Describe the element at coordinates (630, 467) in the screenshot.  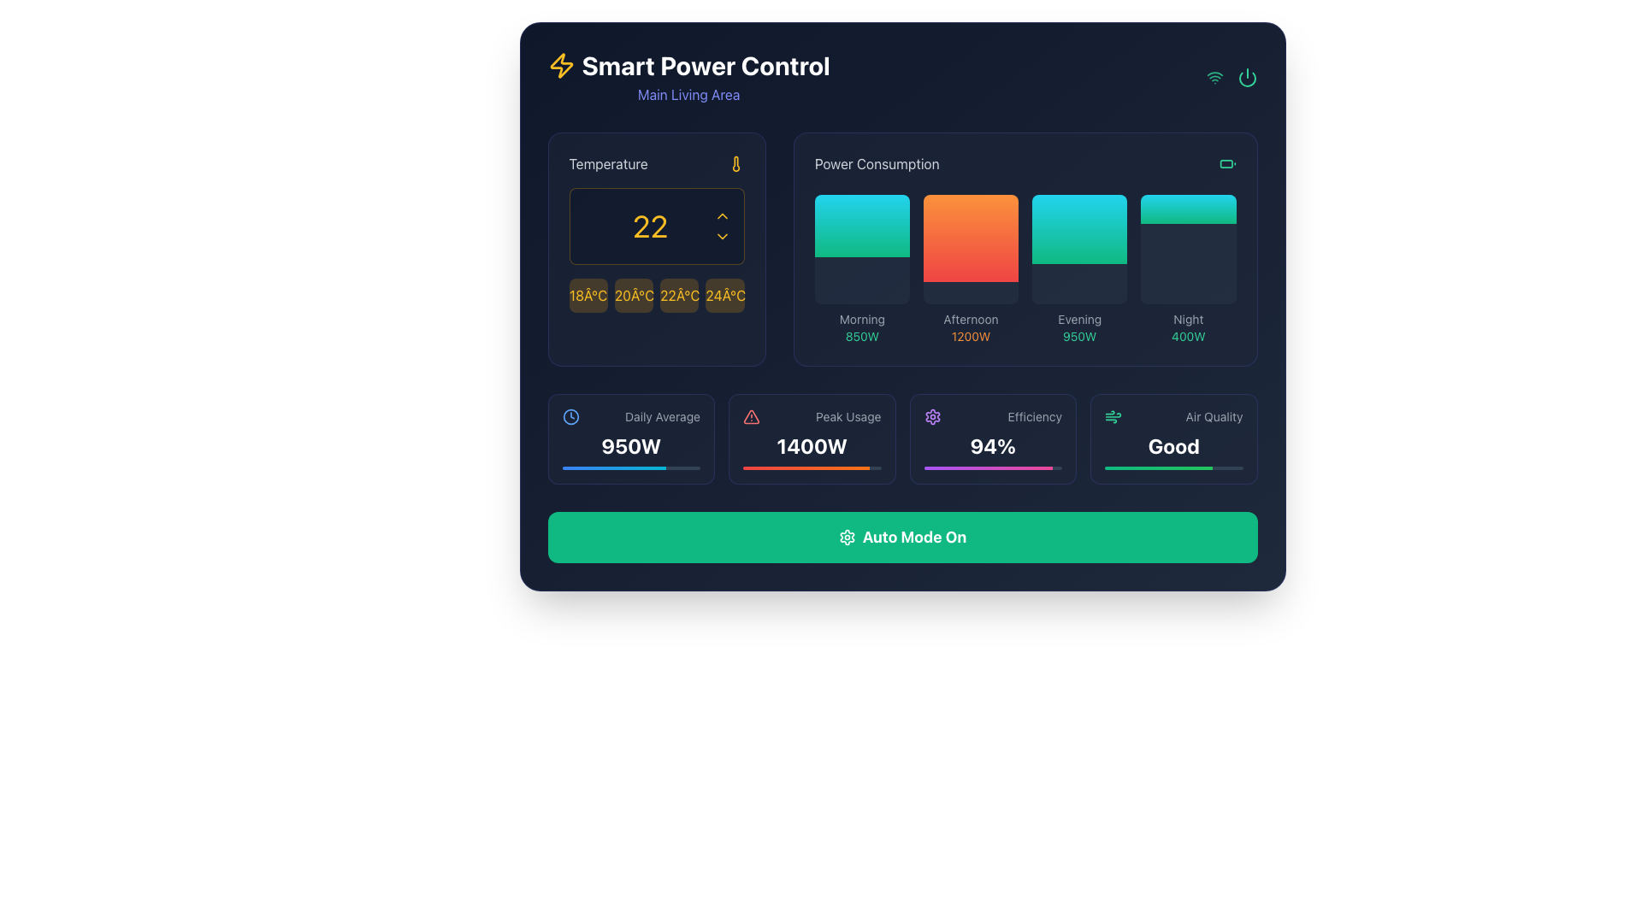
I see `the horizontal progress bar located at the bottom of the 'Daily Average' card, just below the text '950W' and above the card's edge` at that location.